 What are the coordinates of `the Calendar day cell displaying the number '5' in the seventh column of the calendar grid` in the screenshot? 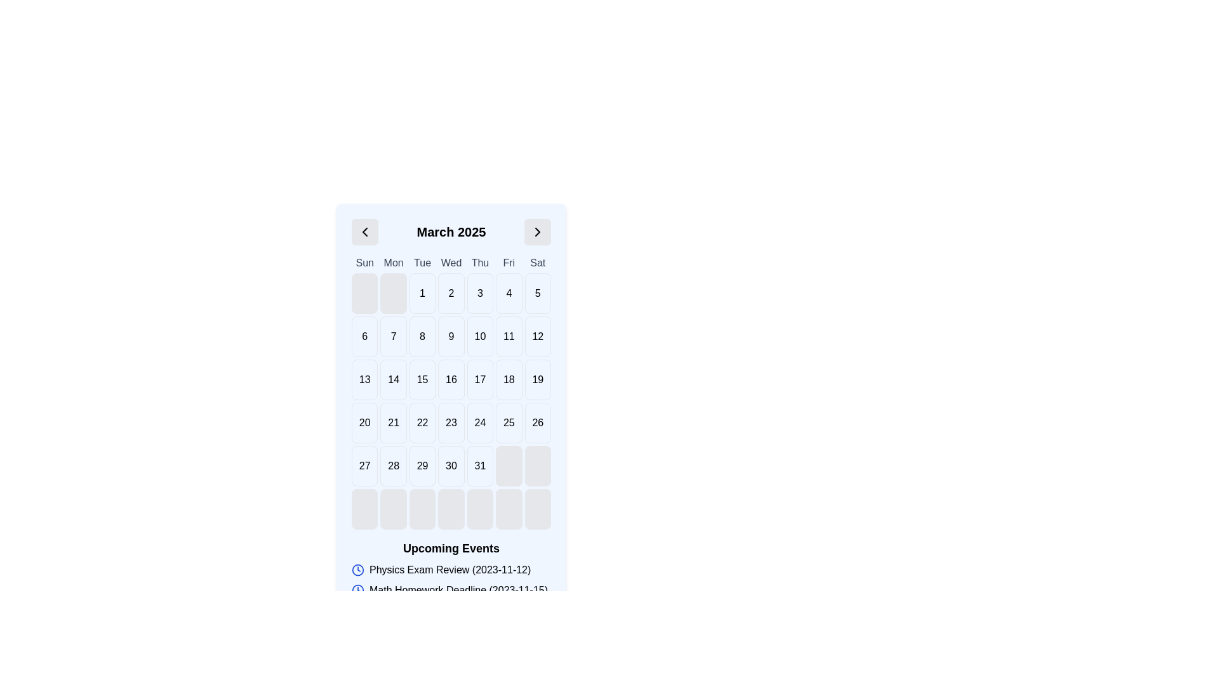 It's located at (538, 293).